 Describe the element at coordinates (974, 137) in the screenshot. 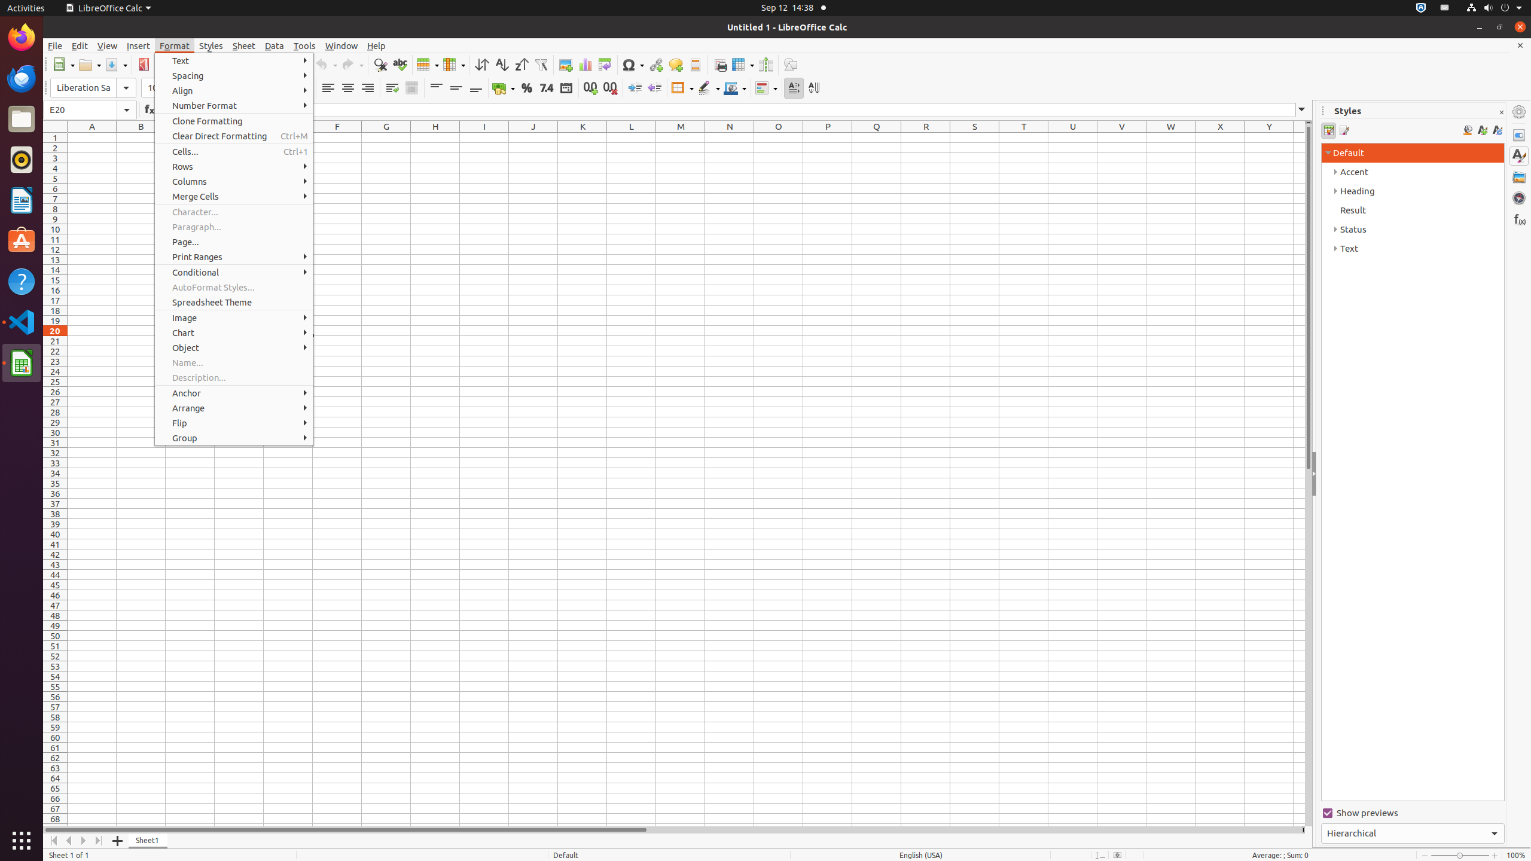

I see `'S1'` at that location.